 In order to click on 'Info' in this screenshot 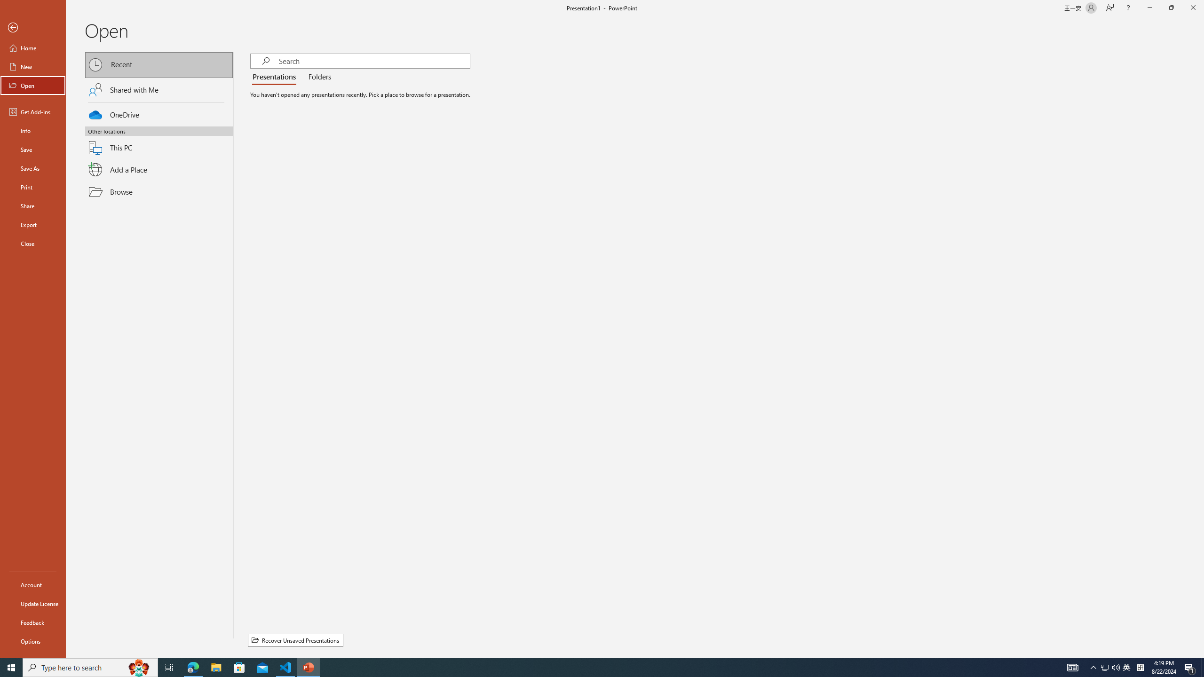, I will do `click(32, 130)`.